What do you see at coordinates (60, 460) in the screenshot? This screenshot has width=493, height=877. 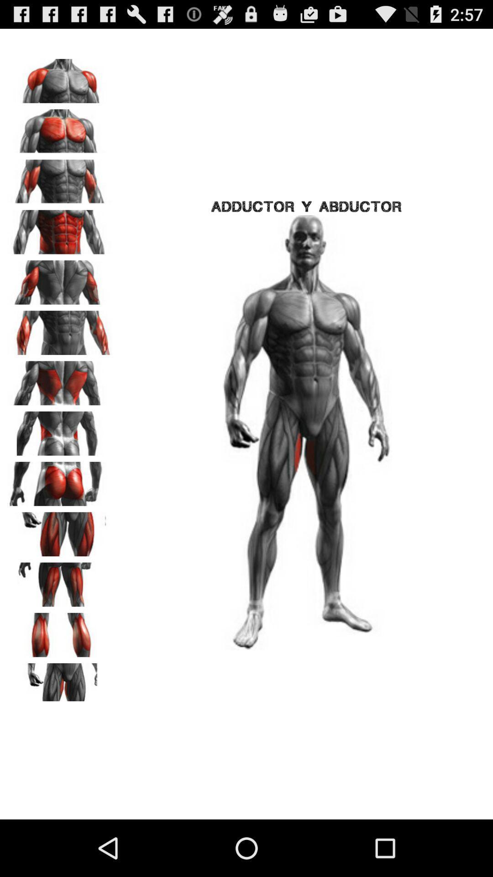 I see `the font icon` at bounding box center [60, 460].